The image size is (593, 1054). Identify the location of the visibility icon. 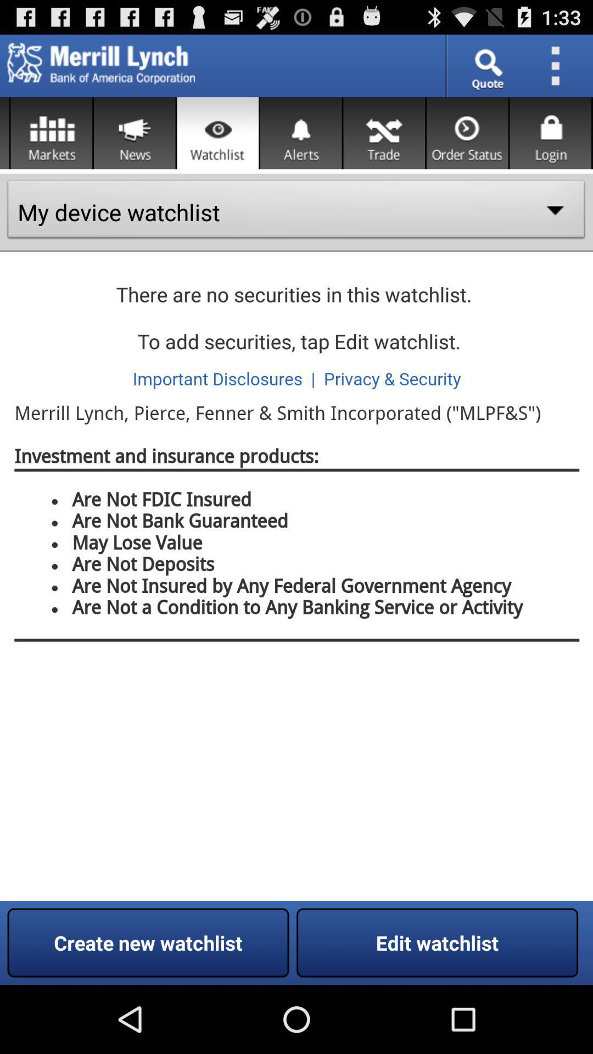
(217, 142).